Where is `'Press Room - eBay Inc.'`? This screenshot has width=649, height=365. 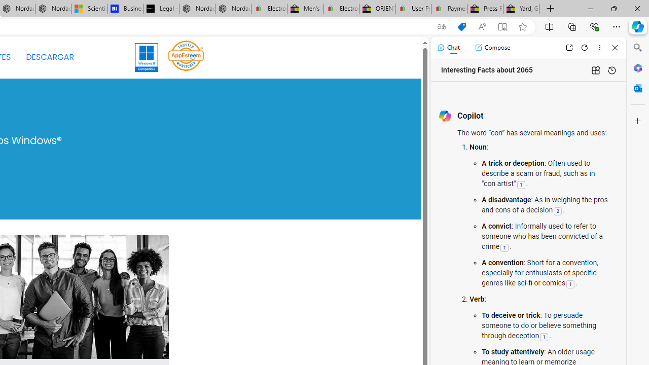 'Press Room - eBay Inc.' is located at coordinates (484, 9).